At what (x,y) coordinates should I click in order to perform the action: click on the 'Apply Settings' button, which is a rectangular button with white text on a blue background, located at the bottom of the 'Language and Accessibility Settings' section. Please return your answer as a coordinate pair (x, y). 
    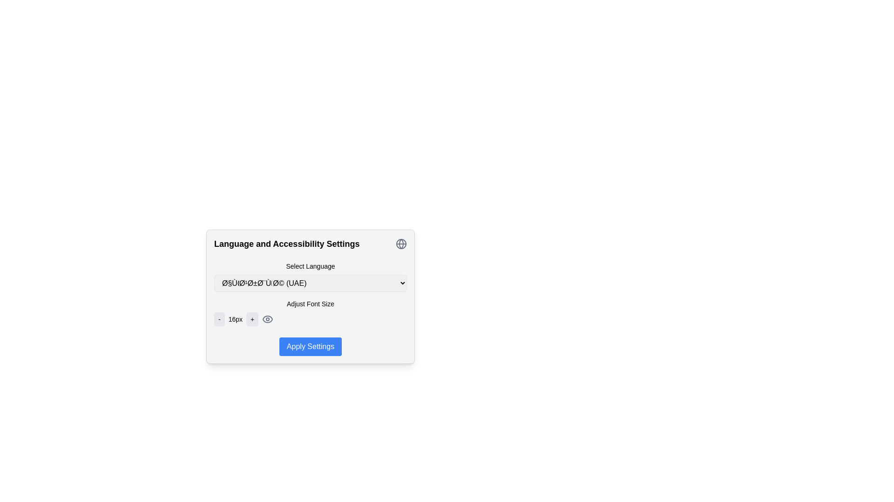
    Looking at the image, I should click on (311, 346).